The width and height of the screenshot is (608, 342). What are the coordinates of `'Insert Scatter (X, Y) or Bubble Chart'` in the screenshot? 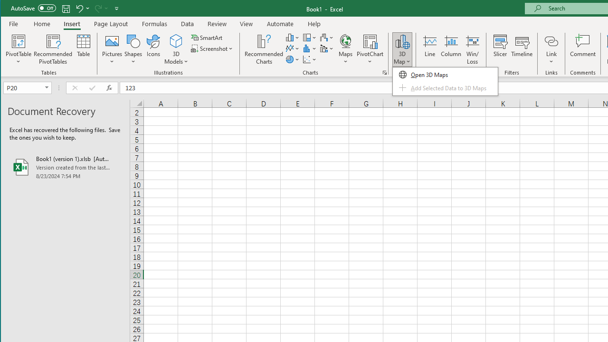 It's located at (310, 59).